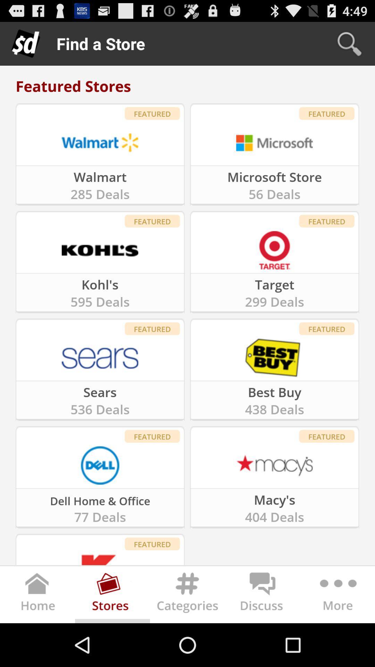 The height and width of the screenshot is (667, 375). What do you see at coordinates (112, 596) in the screenshot?
I see `stores option` at bounding box center [112, 596].